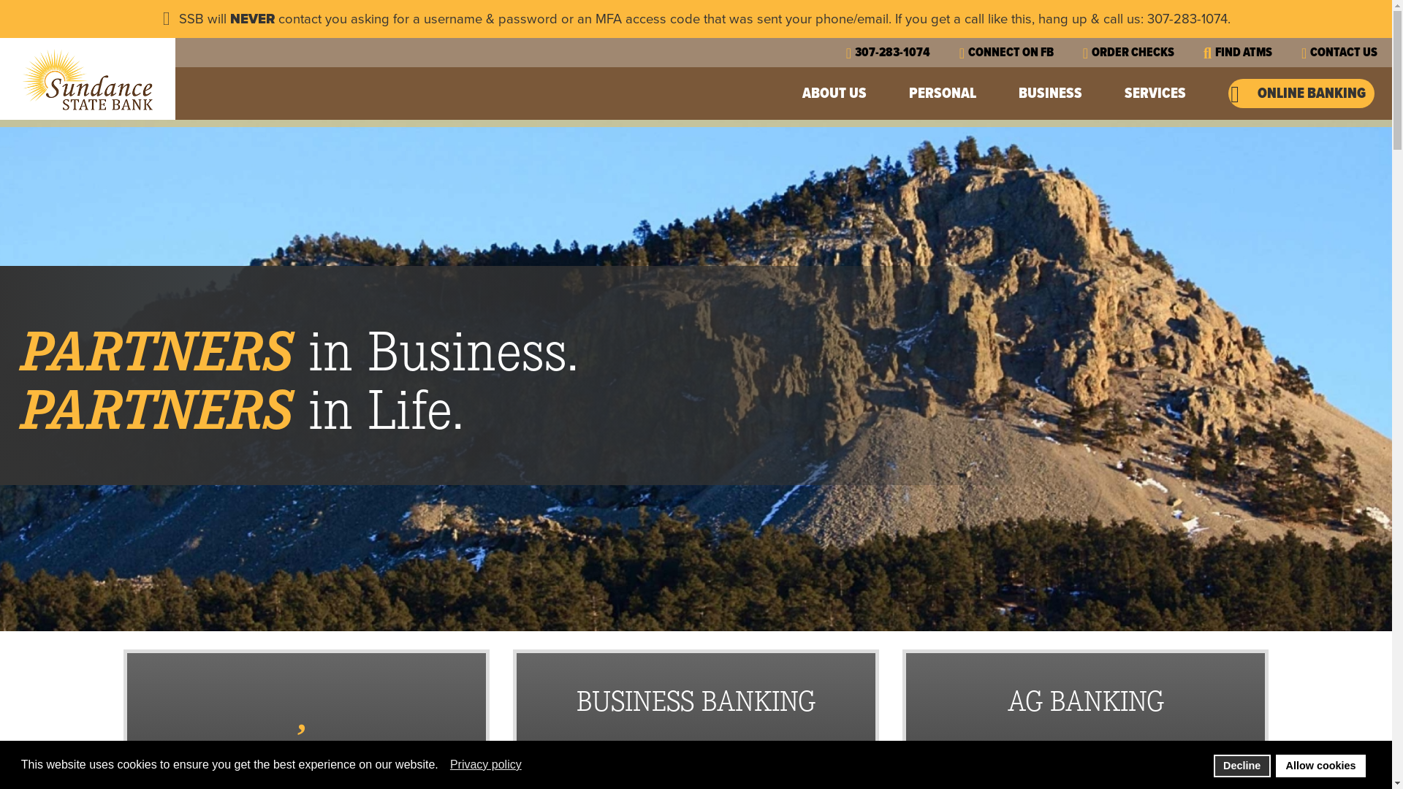  Describe the element at coordinates (1301, 93) in the screenshot. I see `'ONLINE BANKING'` at that location.